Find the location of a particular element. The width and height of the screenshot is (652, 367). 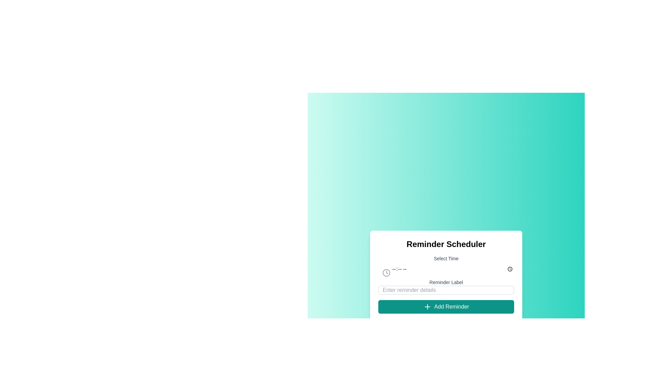

the text input field labeled 'Reminder Label' to focus on it is located at coordinates (446, 287).